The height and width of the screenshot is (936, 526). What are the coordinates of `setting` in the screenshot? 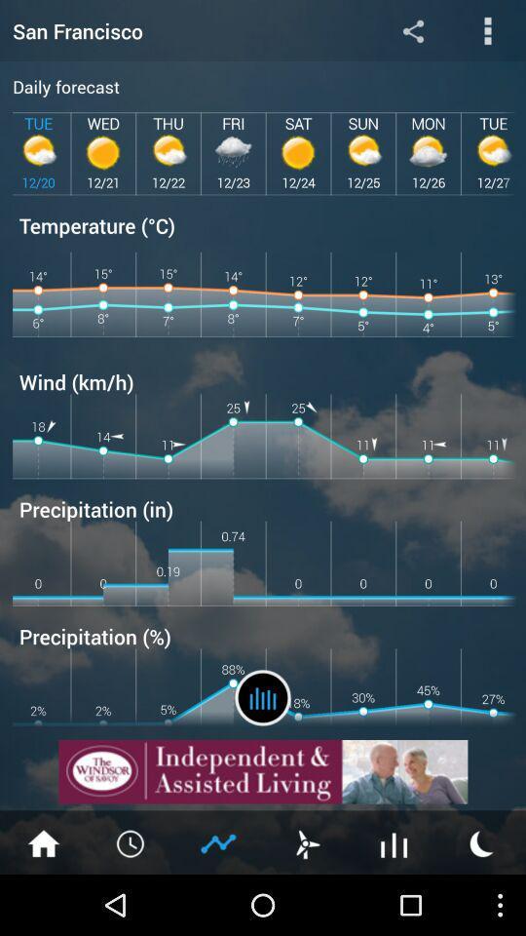 It's located at (412, 29).